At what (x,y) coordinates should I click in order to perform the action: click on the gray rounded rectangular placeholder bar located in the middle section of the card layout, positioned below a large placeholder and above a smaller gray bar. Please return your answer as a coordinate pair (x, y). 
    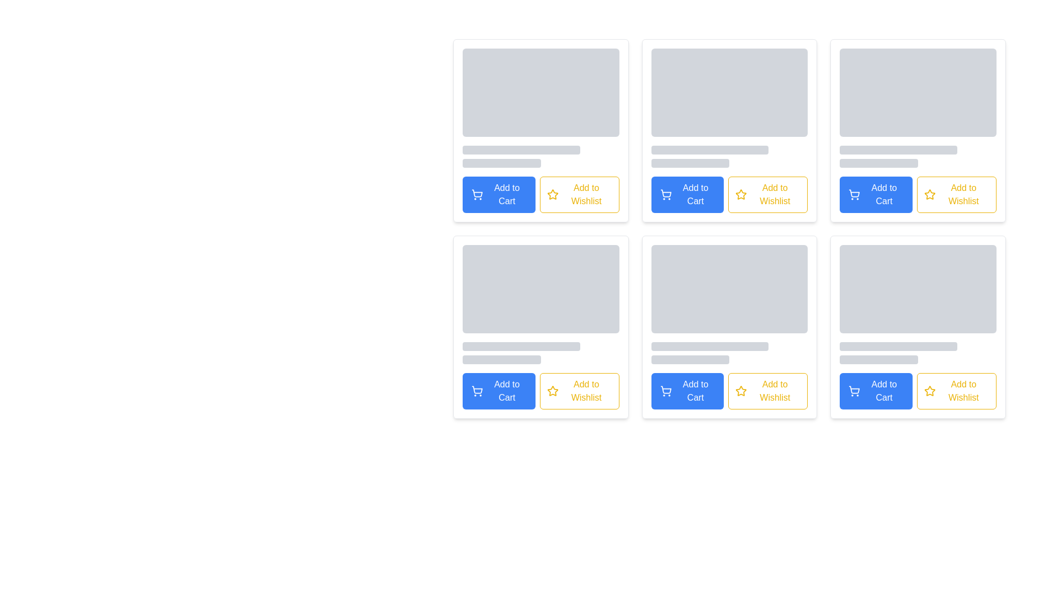
    Looking at the image, I should click on (521, 150).